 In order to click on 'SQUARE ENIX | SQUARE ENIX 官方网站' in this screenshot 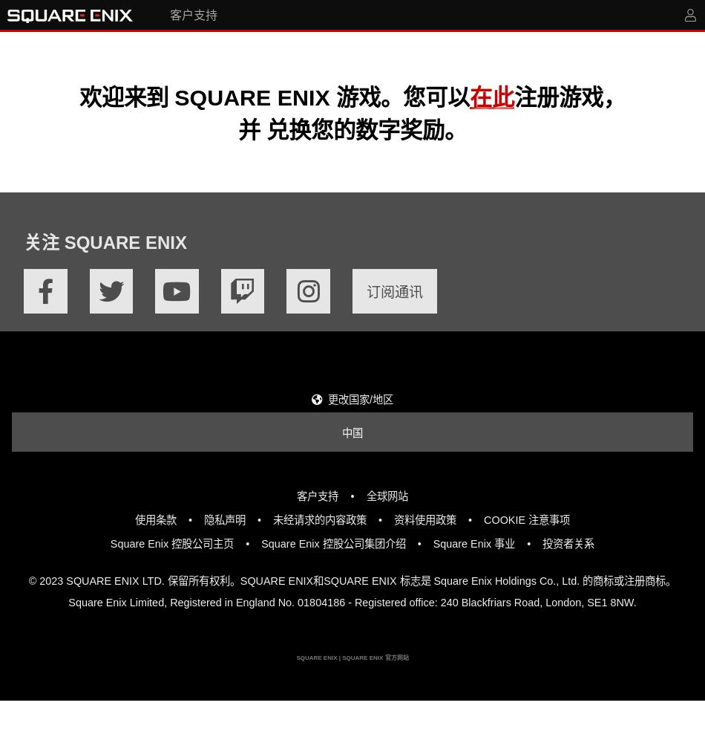, I will do `click(295, 657)`.